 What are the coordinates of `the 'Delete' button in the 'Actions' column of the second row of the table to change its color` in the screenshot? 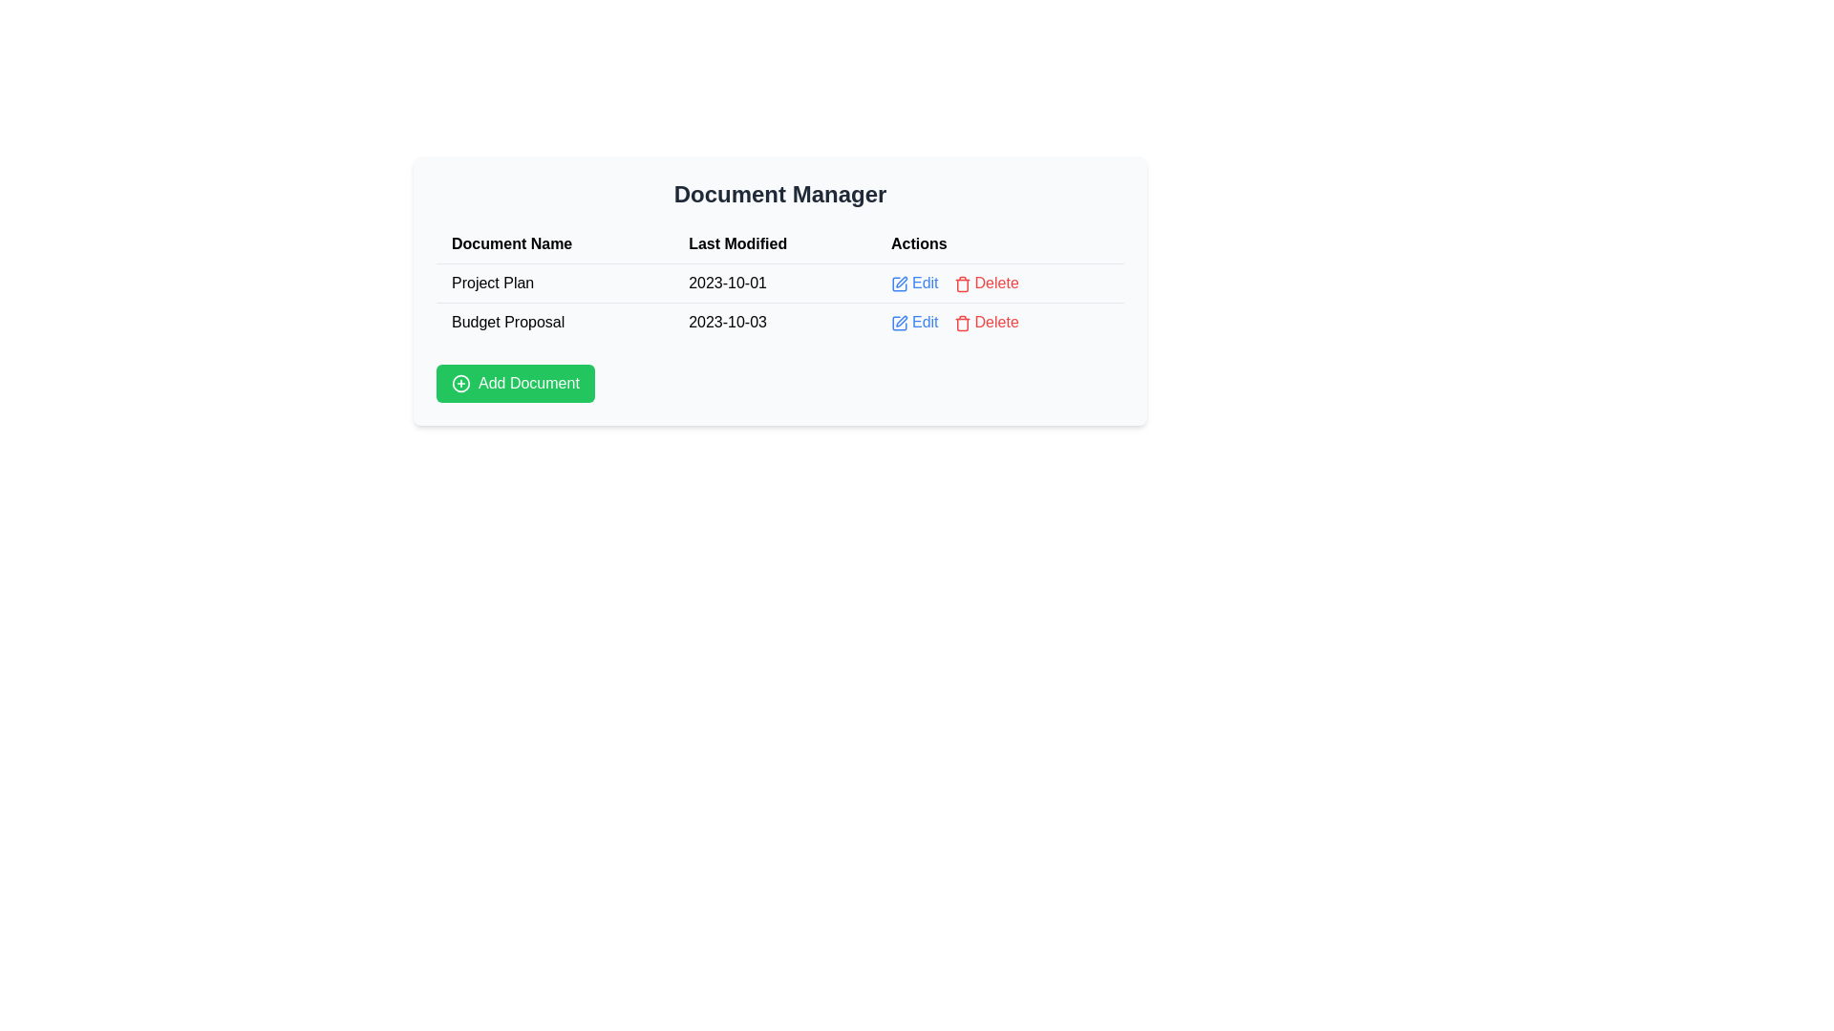 It's located at (986, 322).